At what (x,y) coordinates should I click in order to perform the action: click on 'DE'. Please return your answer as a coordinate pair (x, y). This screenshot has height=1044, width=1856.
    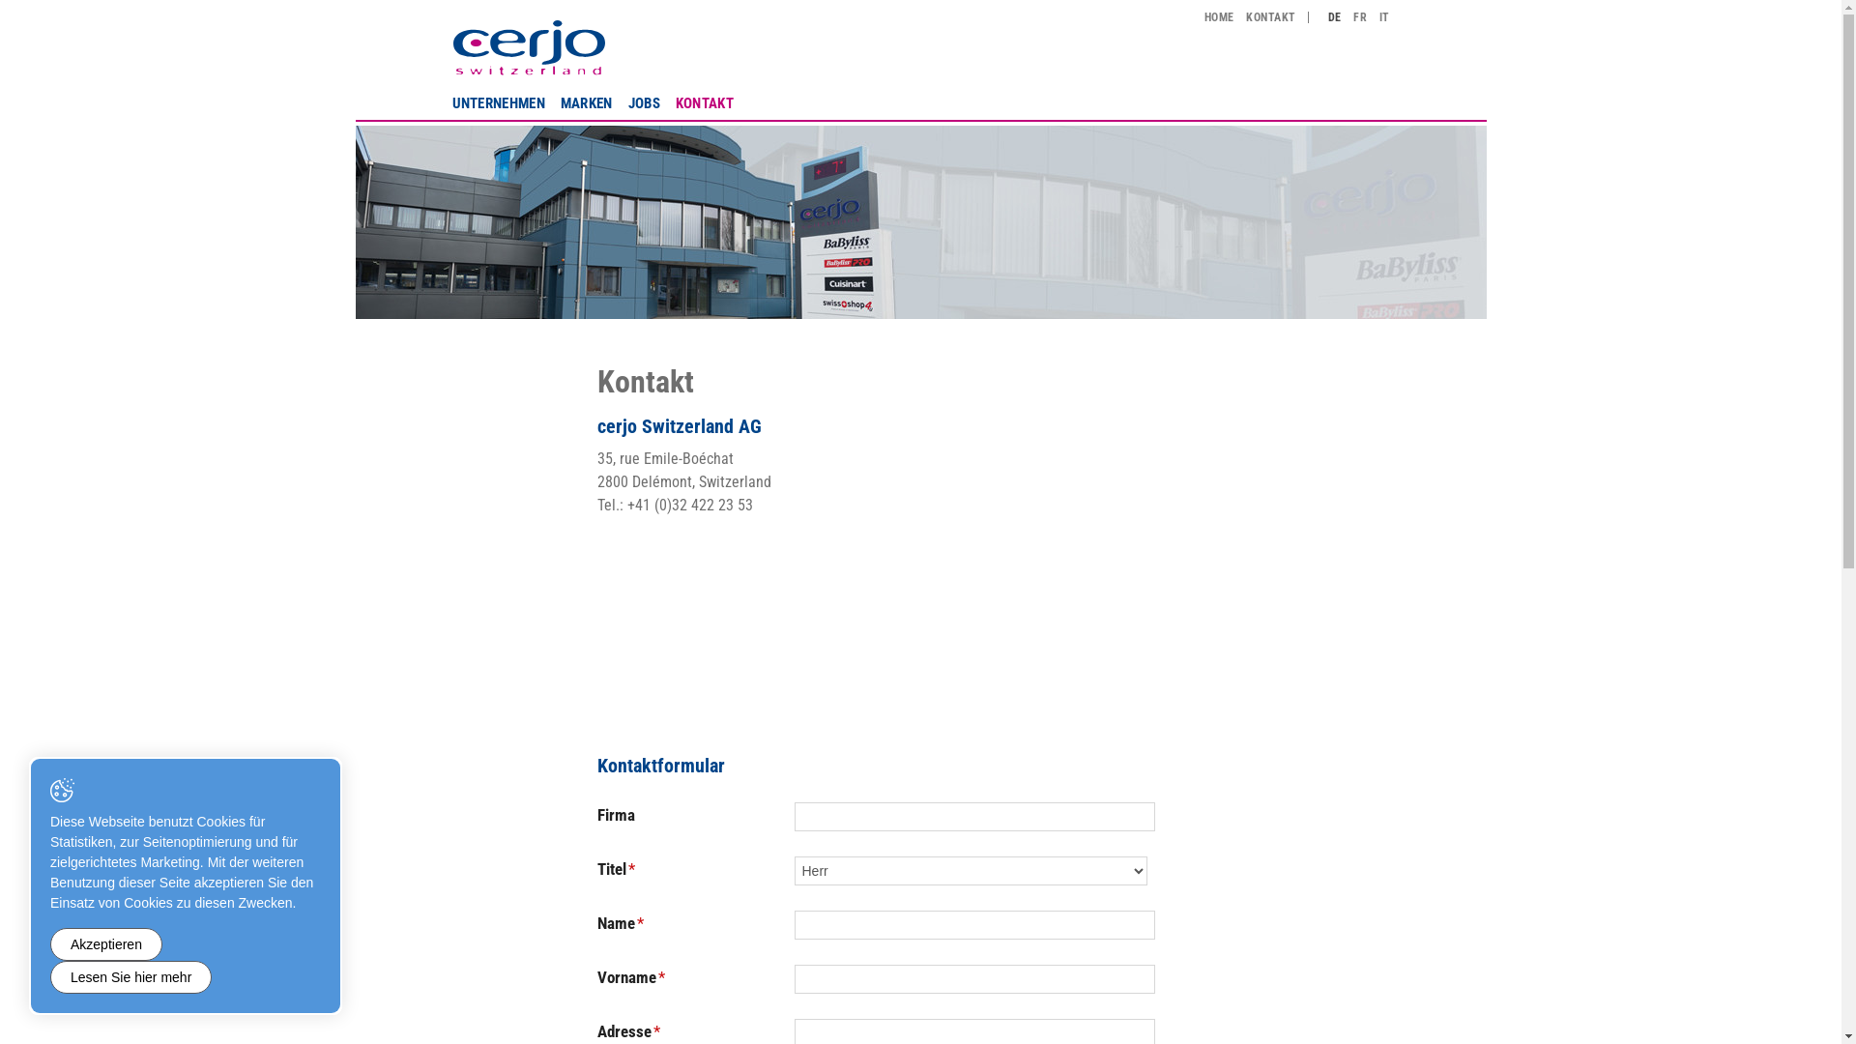
    Looking at the image, I should click on (1334, 17).